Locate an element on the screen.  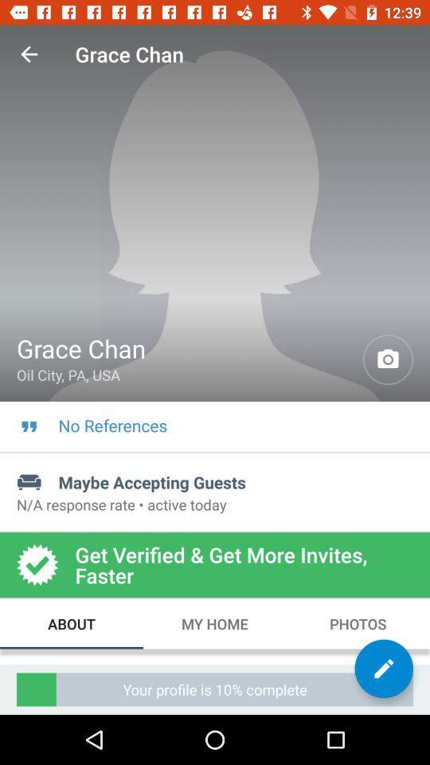
item below photos icon is located at coordinates (383, 669).